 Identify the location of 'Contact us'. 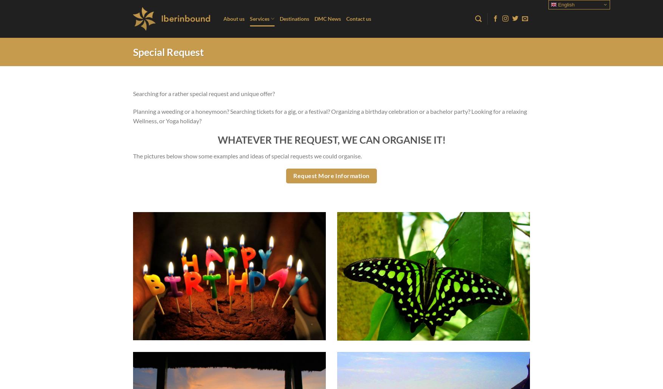
(346, 19).